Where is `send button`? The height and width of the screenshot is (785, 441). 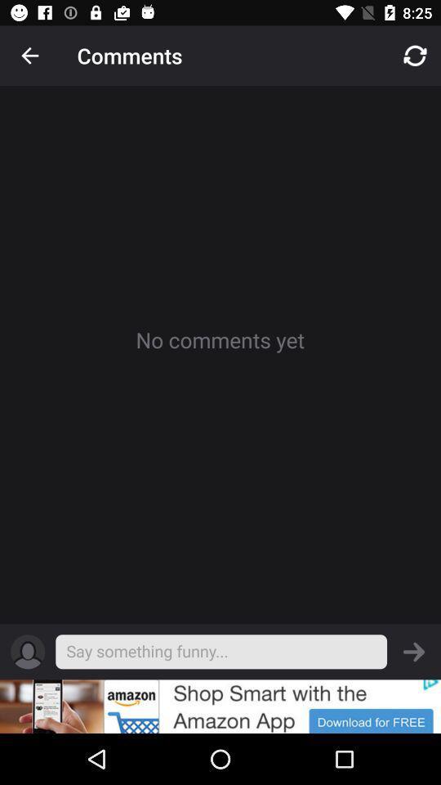
send button is located at coordinates (414, 652).